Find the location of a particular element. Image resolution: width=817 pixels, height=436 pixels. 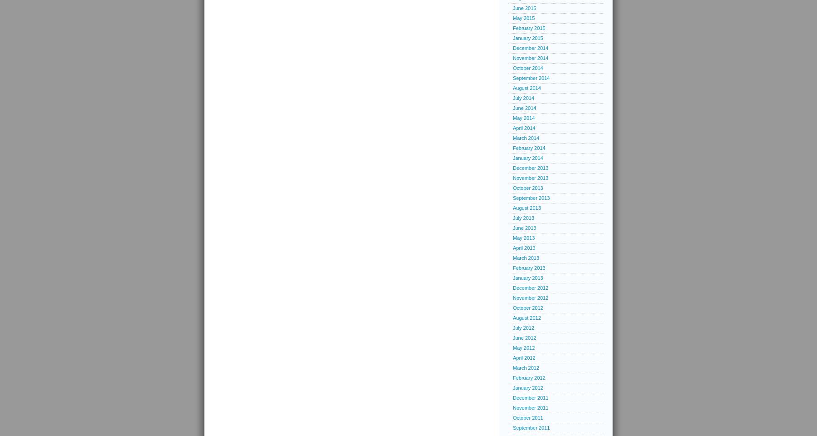

'February 2013' is located at coordinates (528, 268).